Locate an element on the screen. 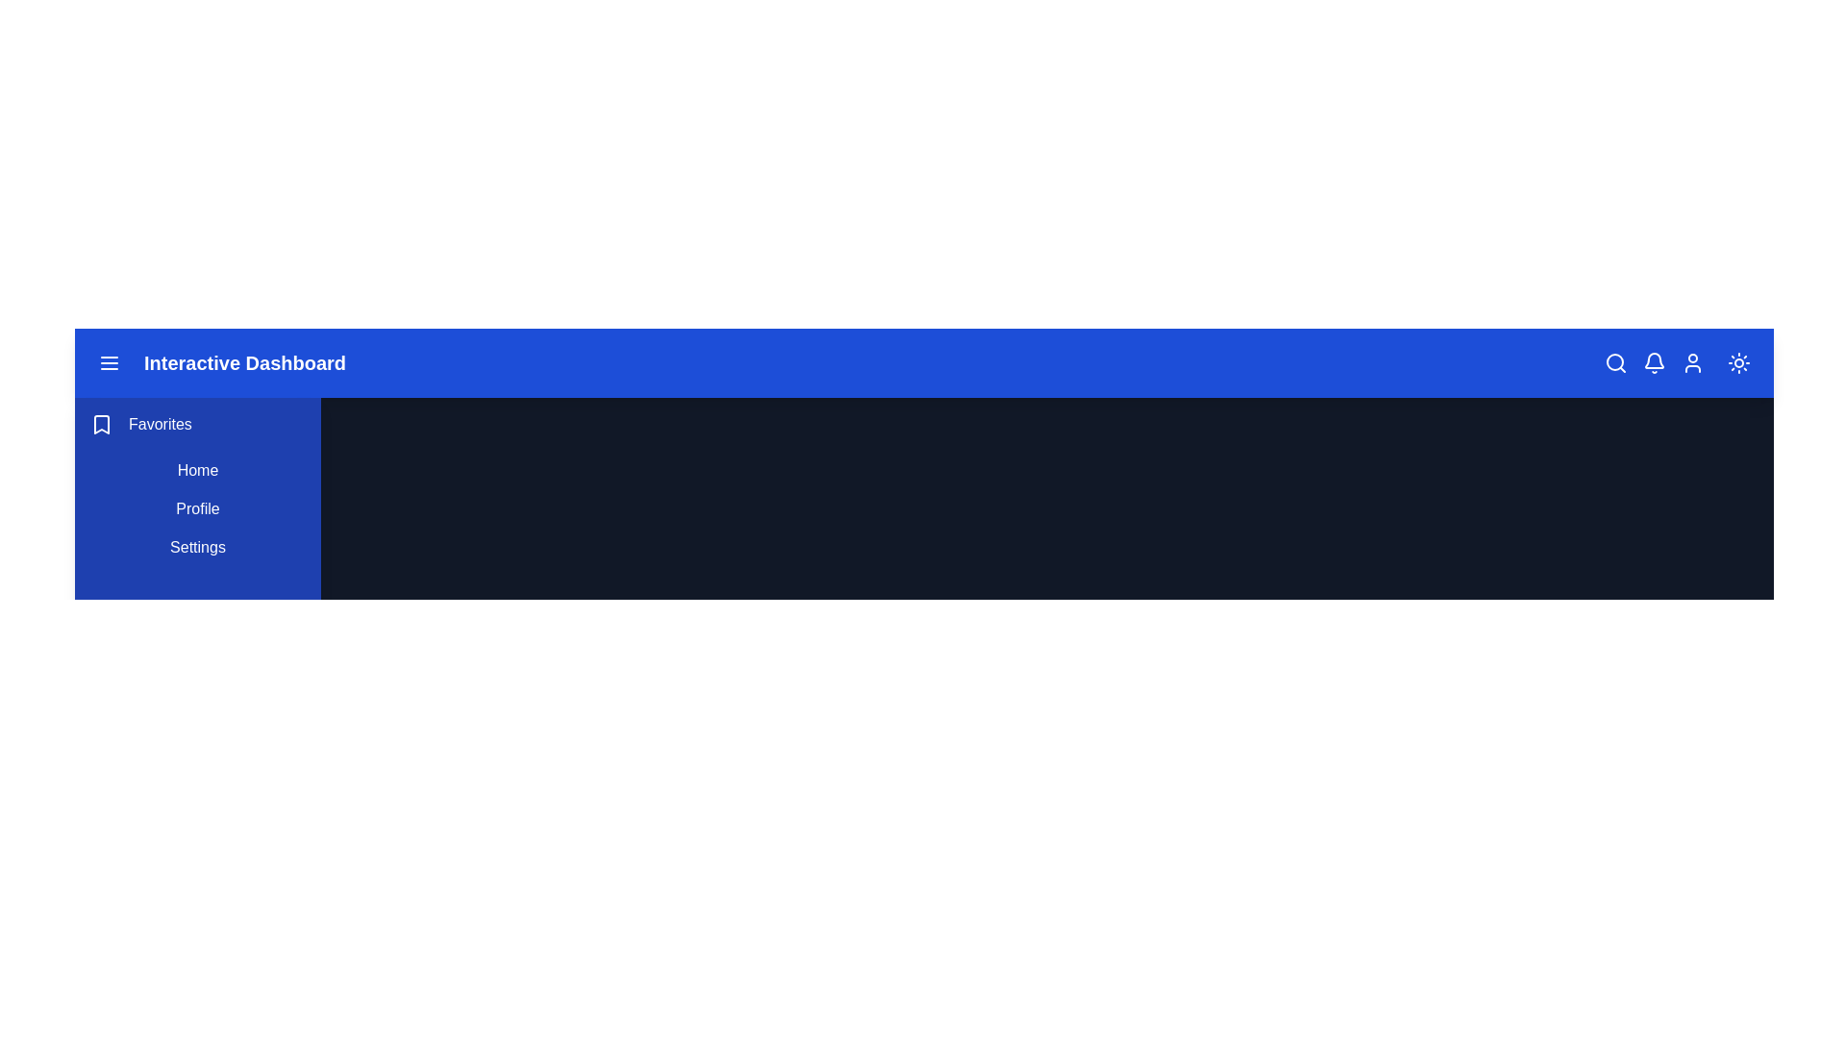 The image size is (1846, 1038). the 'Profile' menu item in the sidebar to navigate to the 'Profile' section is located at coordinates (198, 507).